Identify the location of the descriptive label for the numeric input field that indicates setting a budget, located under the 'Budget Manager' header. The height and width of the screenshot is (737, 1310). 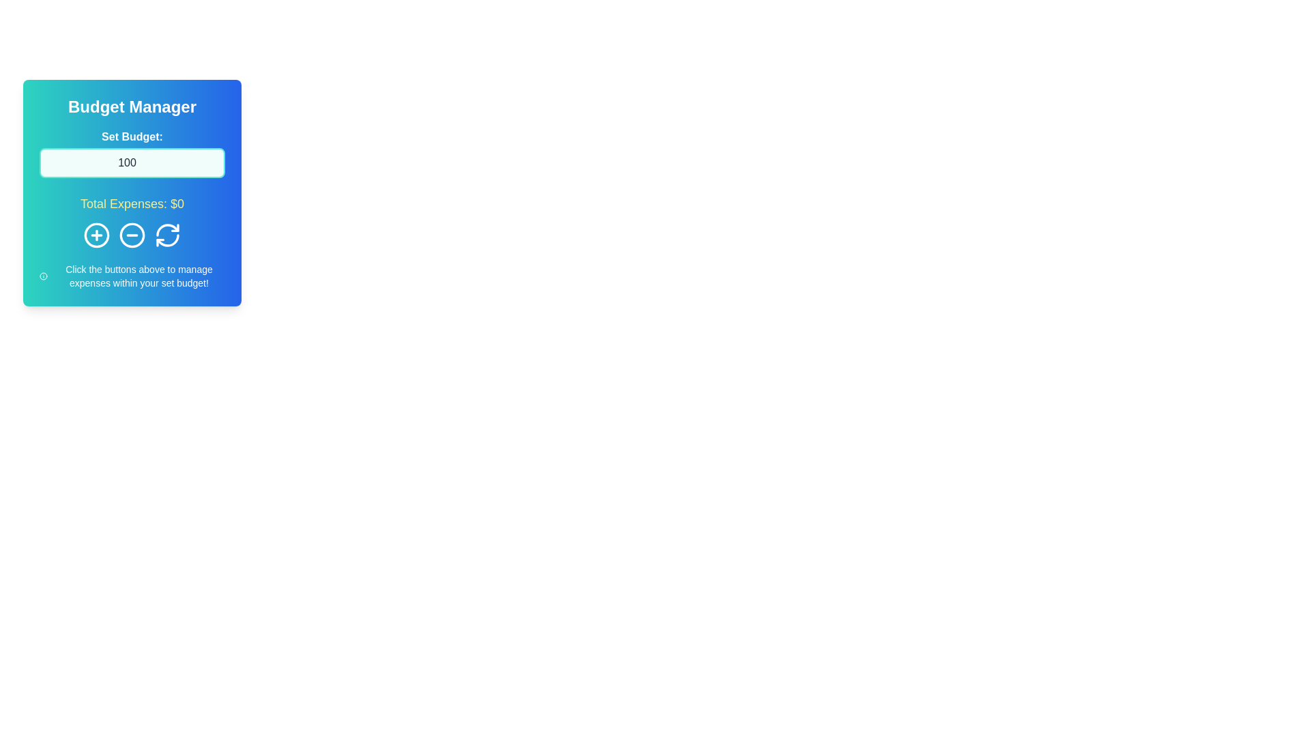
(132, 136).